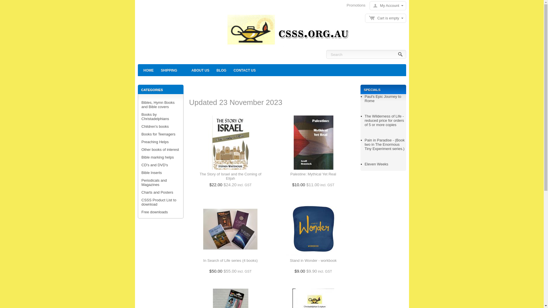  What do you see at coordinates (385, 18) in the screenshot?
I see `'Cart is empty'` at bounding box center [385, 18].